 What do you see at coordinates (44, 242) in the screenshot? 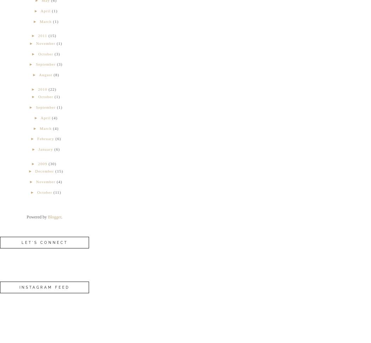
I see `'Let's Connect'` at bounding box center [44, 242].